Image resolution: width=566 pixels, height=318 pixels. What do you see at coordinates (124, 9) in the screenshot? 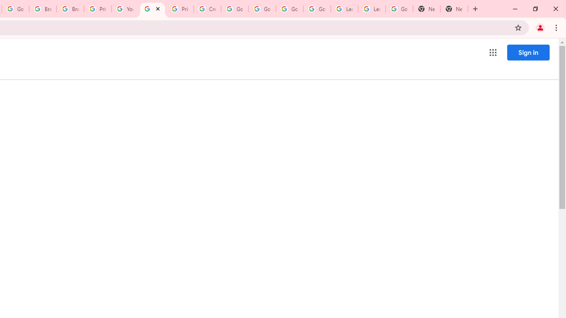
I see `'YouTube'` at bounding box center [124, 9].